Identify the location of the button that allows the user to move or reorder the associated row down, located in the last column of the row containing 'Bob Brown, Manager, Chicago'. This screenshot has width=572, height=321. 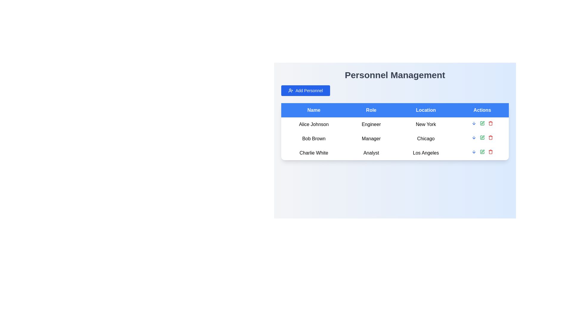
(473, 123).